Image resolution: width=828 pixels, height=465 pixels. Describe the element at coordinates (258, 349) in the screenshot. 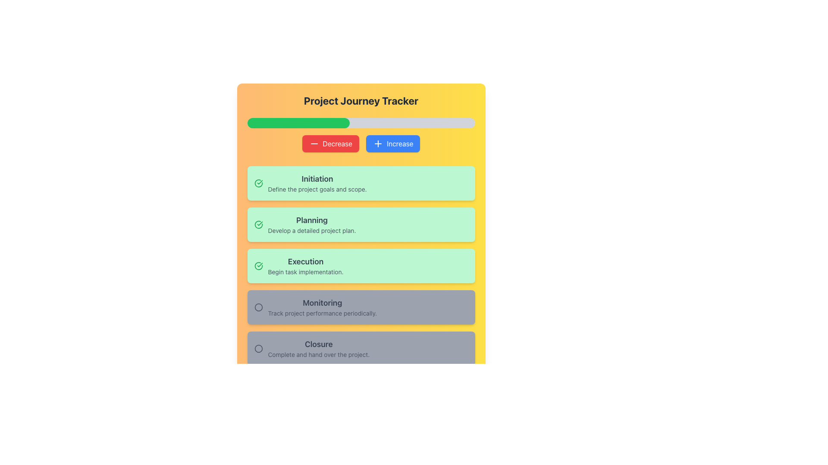

I see `the status icon representing the 'Closure' stage in the project tracker, positioned to the left of the last item labeled 'Closure'` at that location.